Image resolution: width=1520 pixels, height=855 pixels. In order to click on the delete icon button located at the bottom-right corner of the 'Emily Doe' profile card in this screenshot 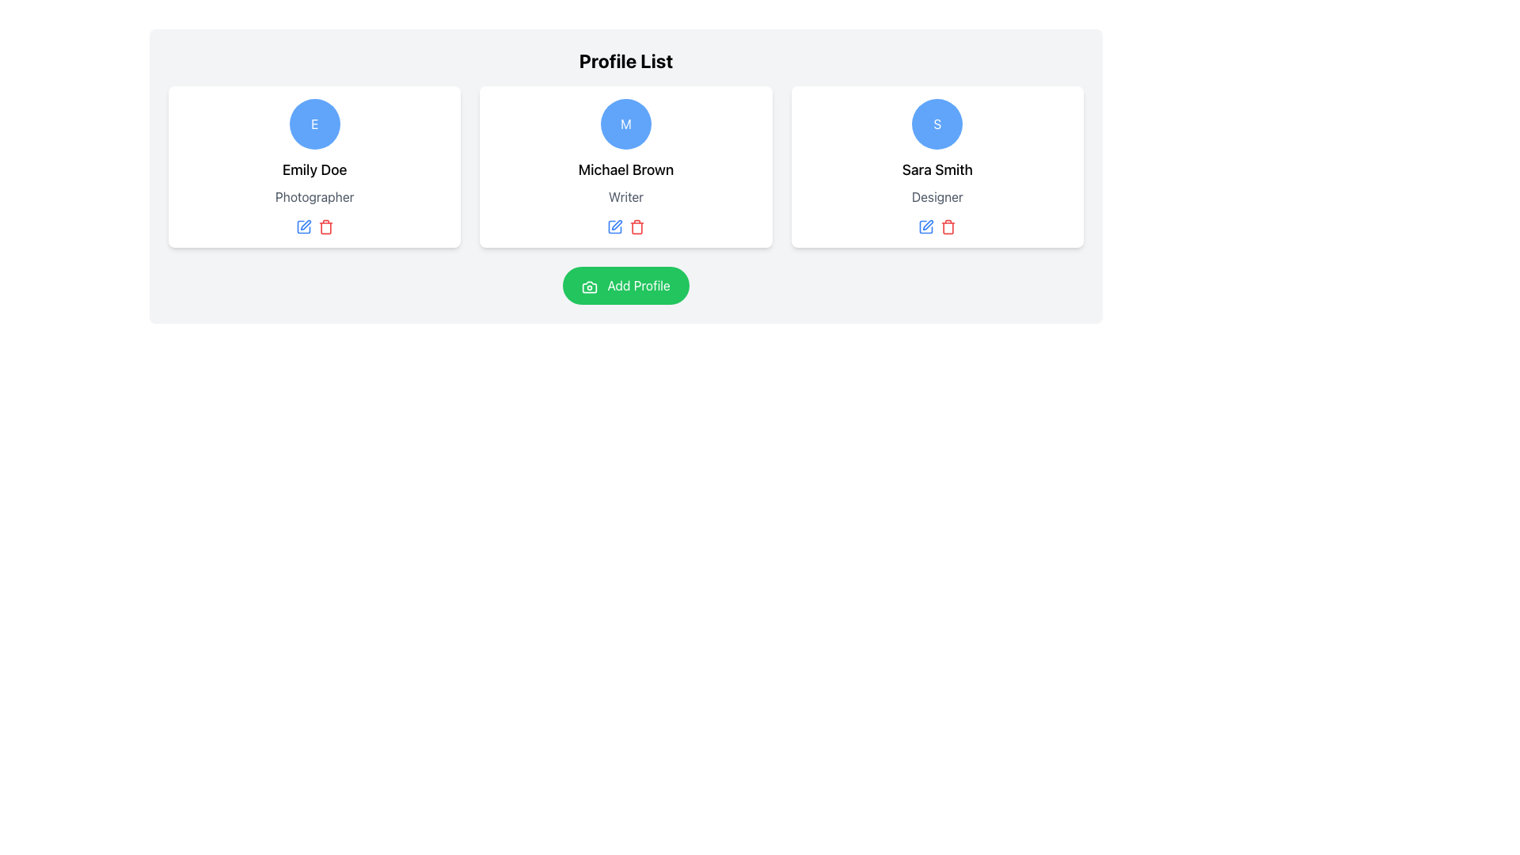, I will do `click(325, 228)`.